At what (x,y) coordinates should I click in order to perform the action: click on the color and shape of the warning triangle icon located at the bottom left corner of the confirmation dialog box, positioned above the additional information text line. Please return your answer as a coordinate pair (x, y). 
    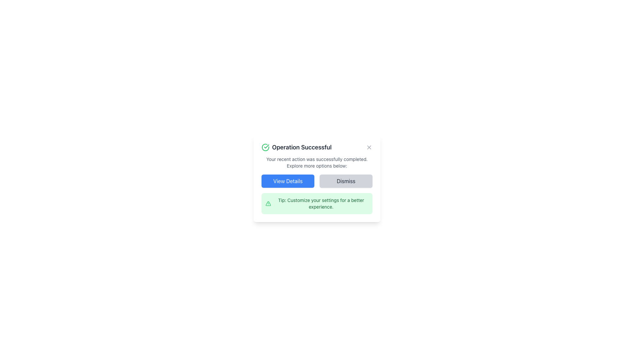
    Looking at the image, I should click on (268, 203).